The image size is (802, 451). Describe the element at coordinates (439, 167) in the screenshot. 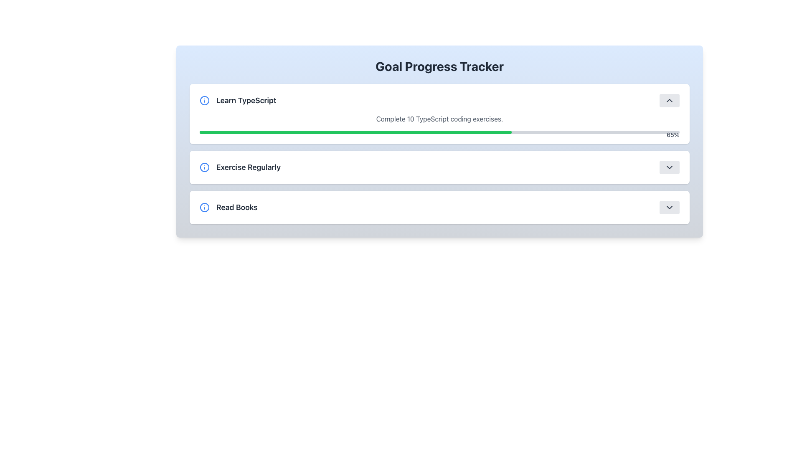

I see `the 'Exercise Regularly' checkbox-like progress tracker item` at that location.